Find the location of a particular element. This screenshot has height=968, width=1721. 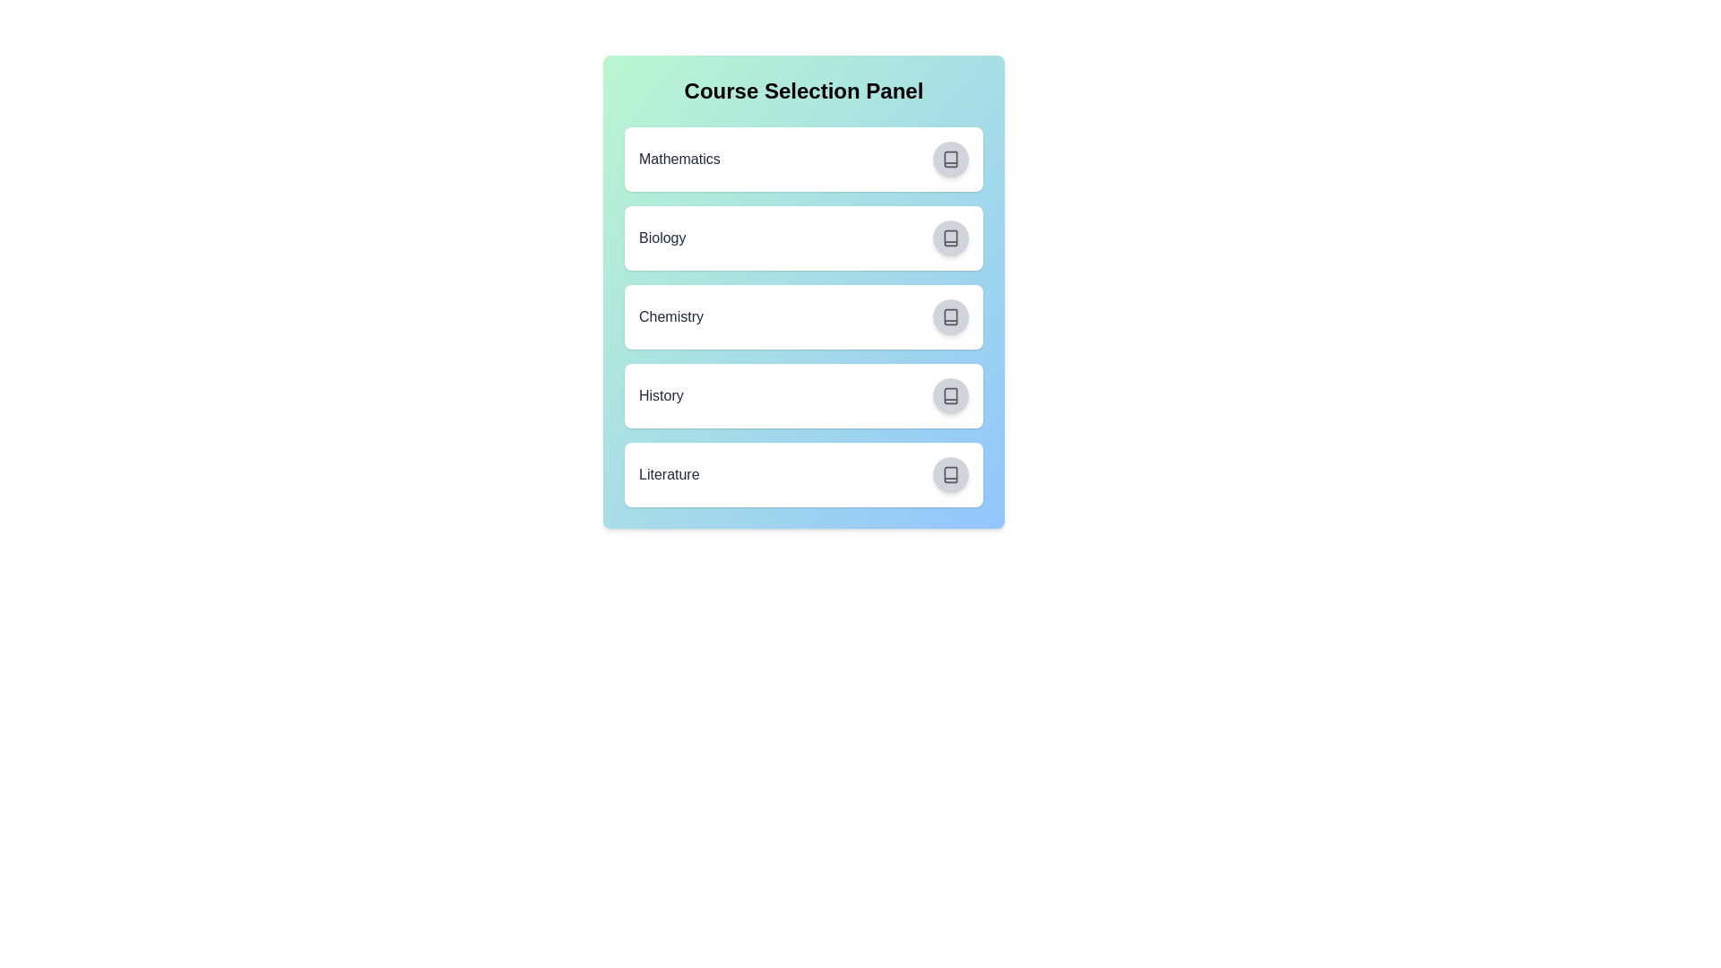

the course Chemistry by clicking its associated button is located at coordinates (949, 316).